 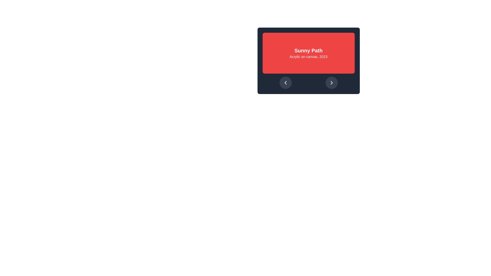 I want to click on the primary heading text label located above the sibling element displaying 'Acrylic on canvas, 2023', centered within the dark background panel, so click(x=308, y=50).